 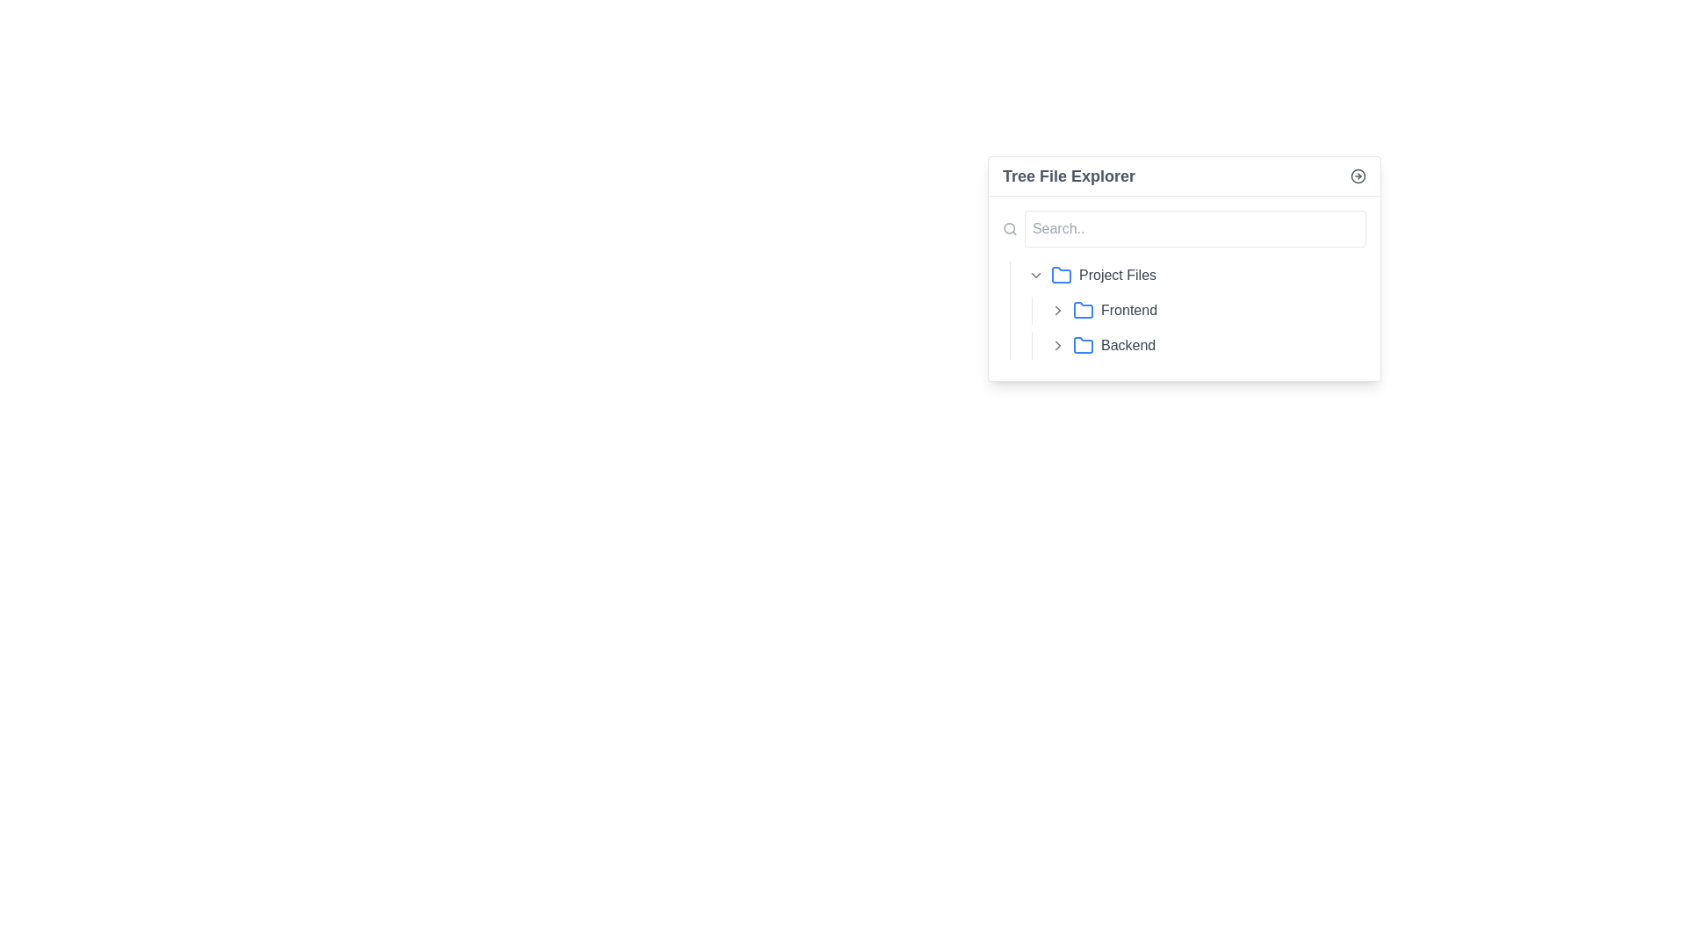 What do you see at coordinates (1357, 176) in the screenshot?
I see `the right-pointing circular arrow icon button, which is gray and located in the header of the 'Tree File Explorer', aligned to the far right of the header bar` at bounding box center [1357, 176].